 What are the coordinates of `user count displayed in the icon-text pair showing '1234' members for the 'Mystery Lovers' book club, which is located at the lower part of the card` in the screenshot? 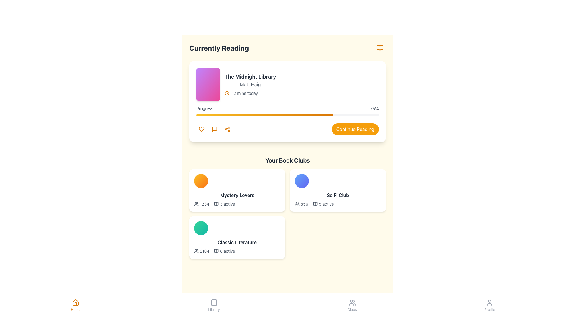 It's located at (202, 204).